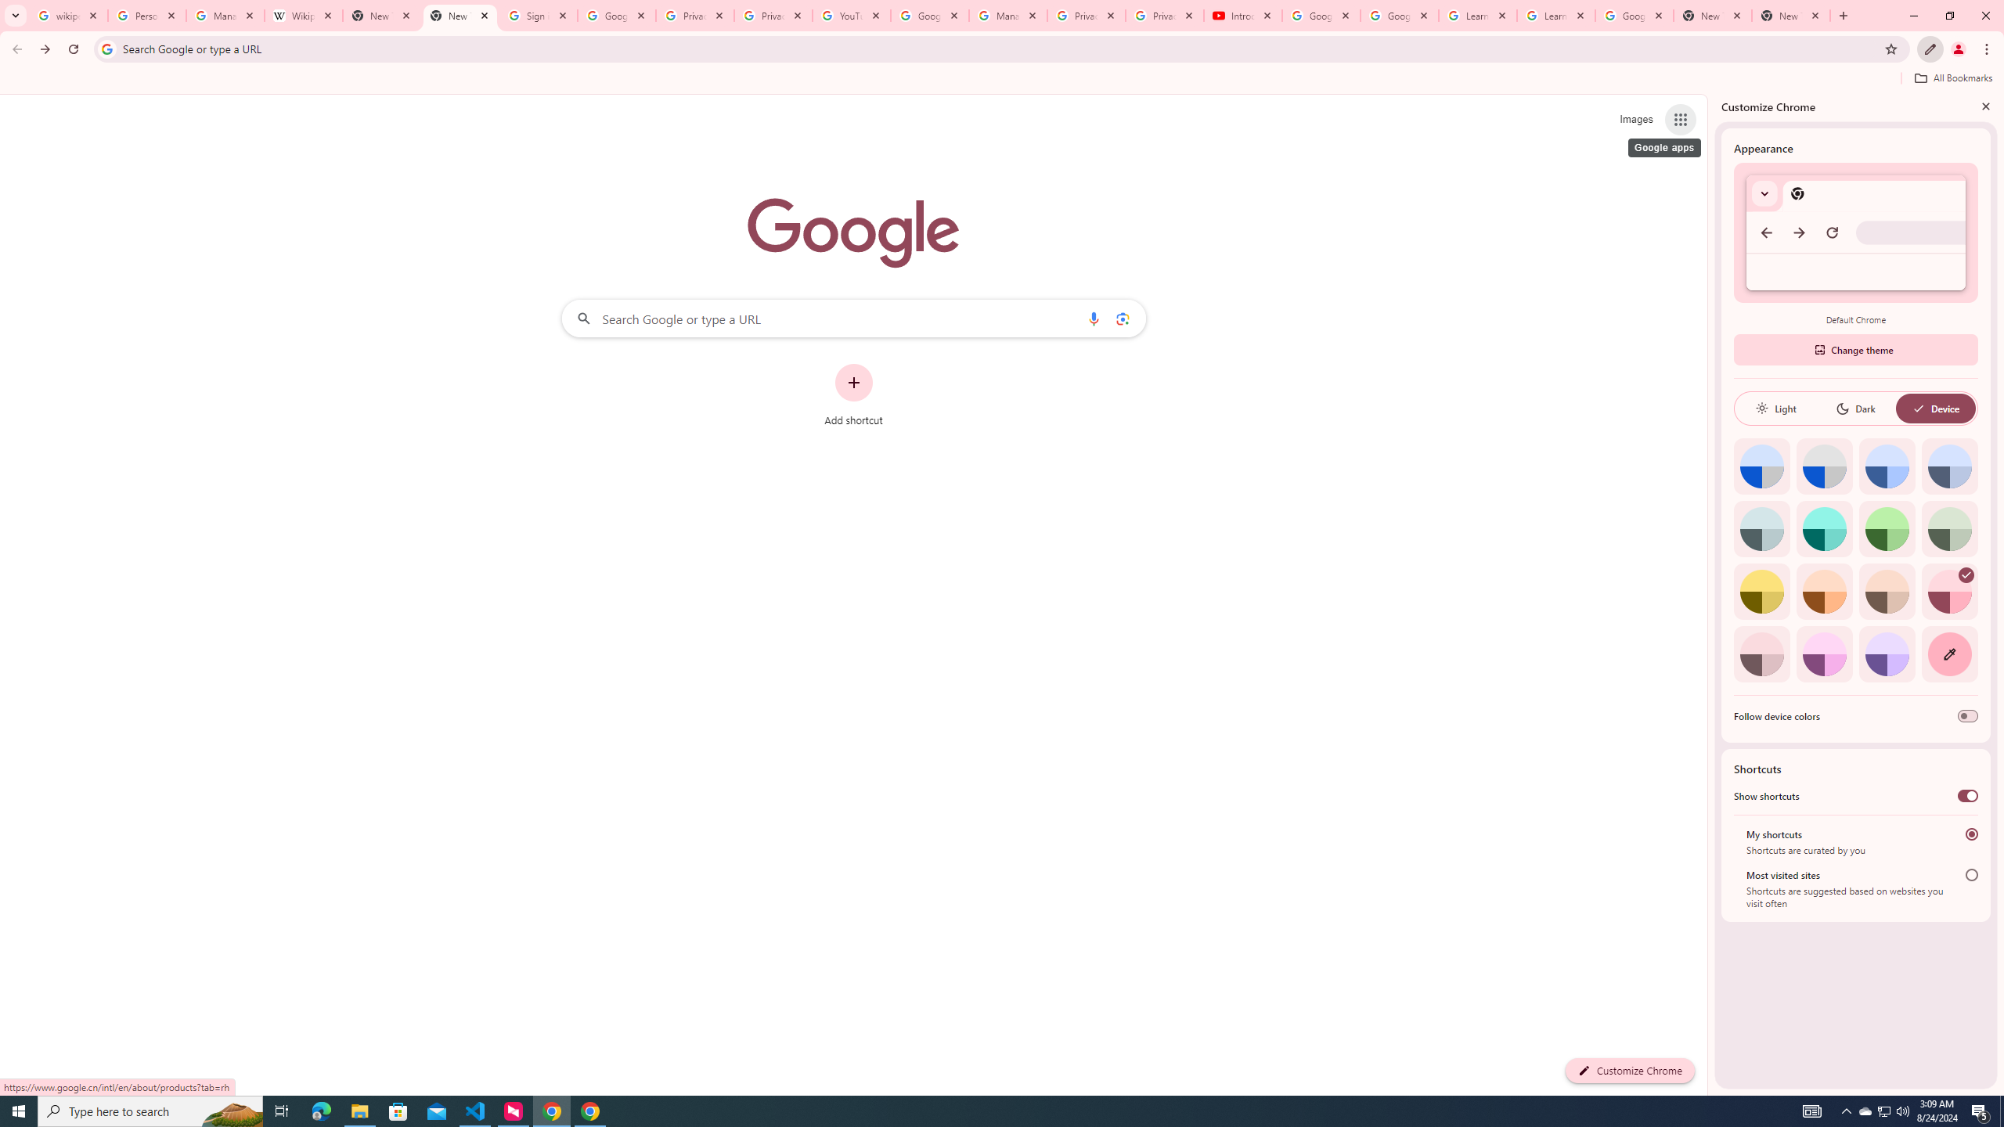 The image size is (2004, 1127). I want to click on 'Fuchsia', so click(1823, 654).